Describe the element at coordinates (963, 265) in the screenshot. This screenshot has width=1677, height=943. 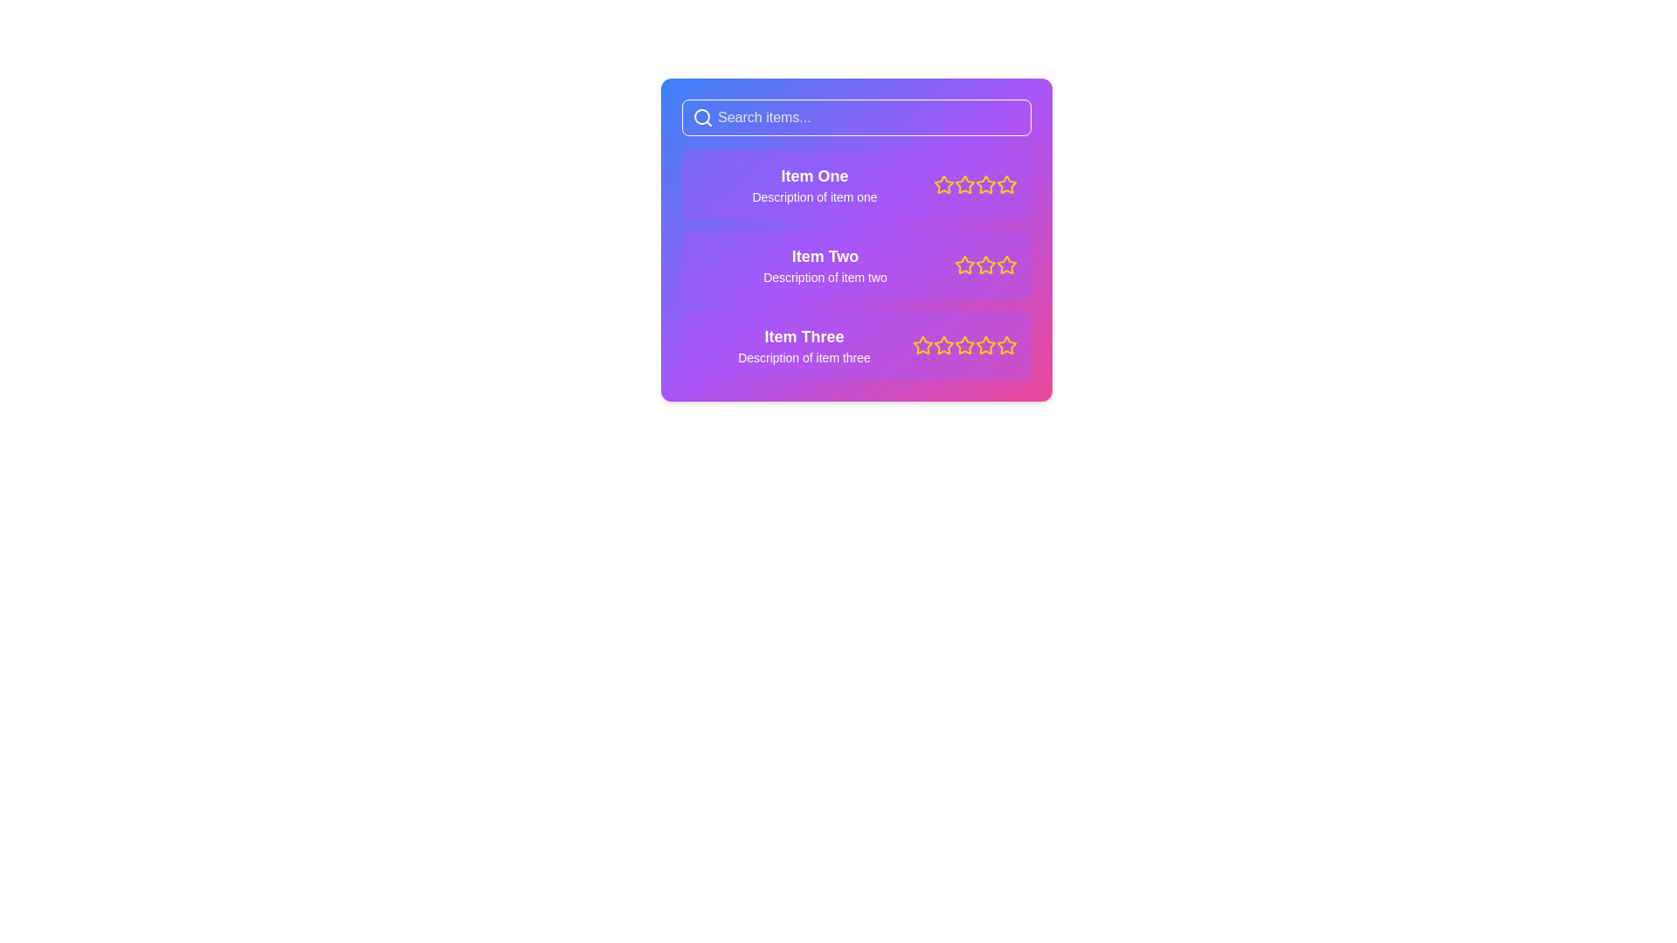
I see `the first star in the five-star rating bar next to 'Item Two'` at that location.